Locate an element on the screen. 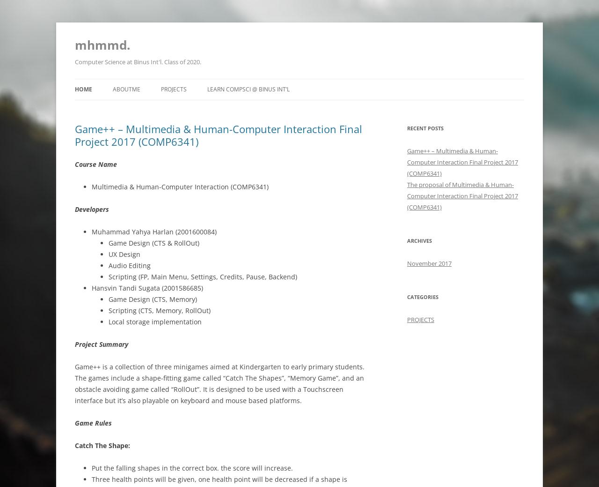  'Scripting (CTS, Memory, RollOut)' is located at coordinates (159, 310).